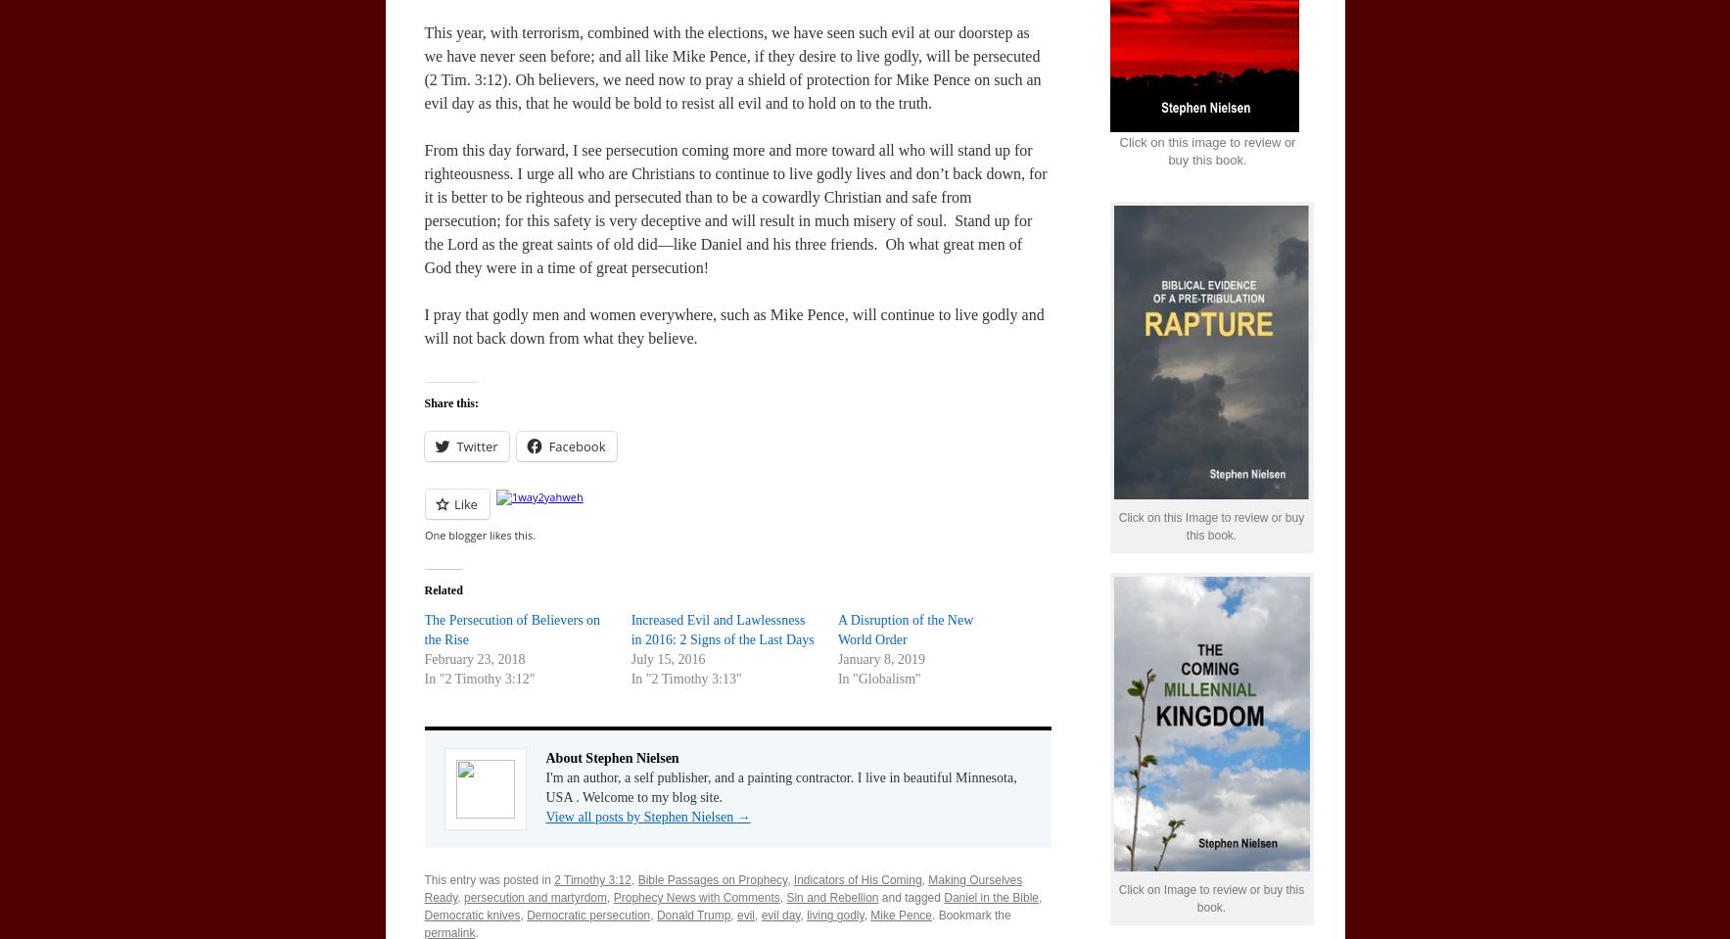 The width and height of the screenshot is (1730, 939). Describe the element at coordinates (610, 758) in the screenshot. I see `'About Stephen Nielsen'` at that location.